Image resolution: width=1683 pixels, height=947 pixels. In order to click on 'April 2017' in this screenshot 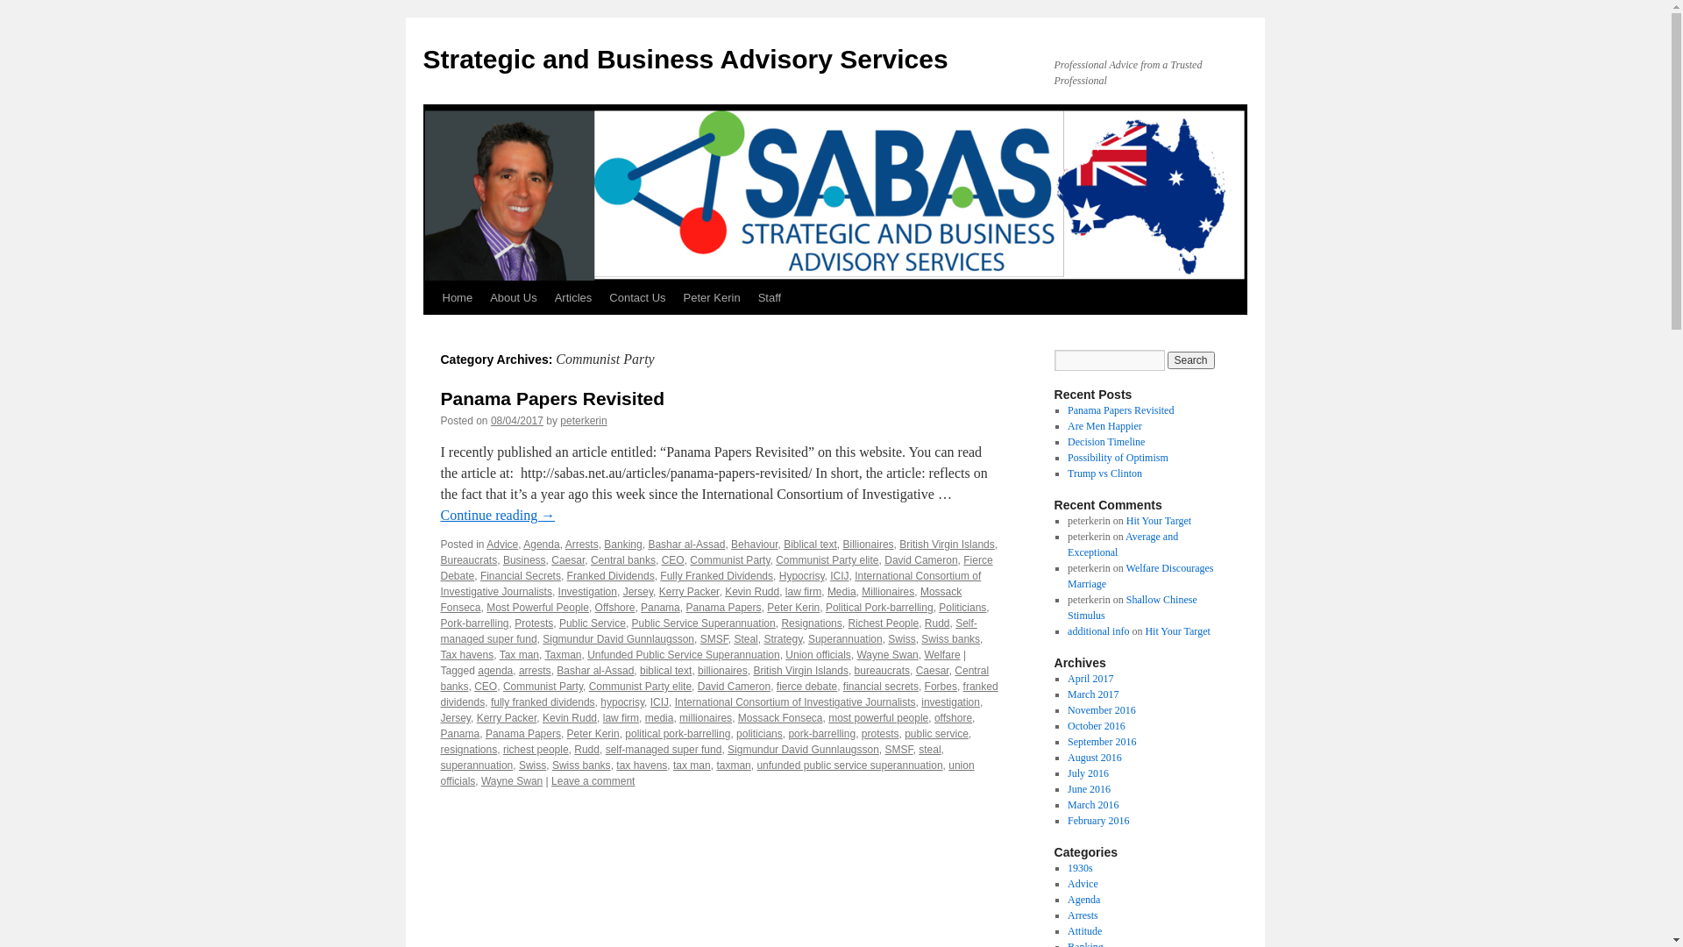, I will do `click(1089, 678)`.